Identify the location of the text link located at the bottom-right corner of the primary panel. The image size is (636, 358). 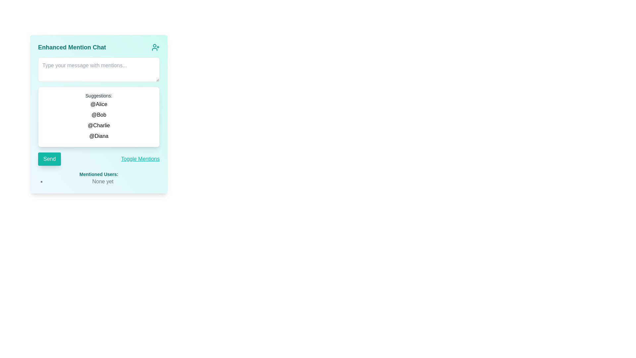
(140, 159).